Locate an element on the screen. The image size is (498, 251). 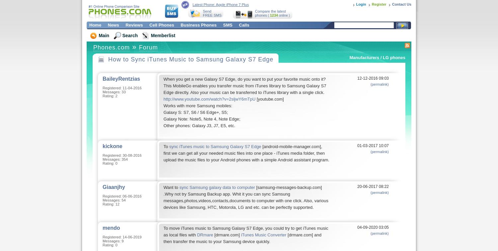
'mendo' is located at coordinates (111, 228).